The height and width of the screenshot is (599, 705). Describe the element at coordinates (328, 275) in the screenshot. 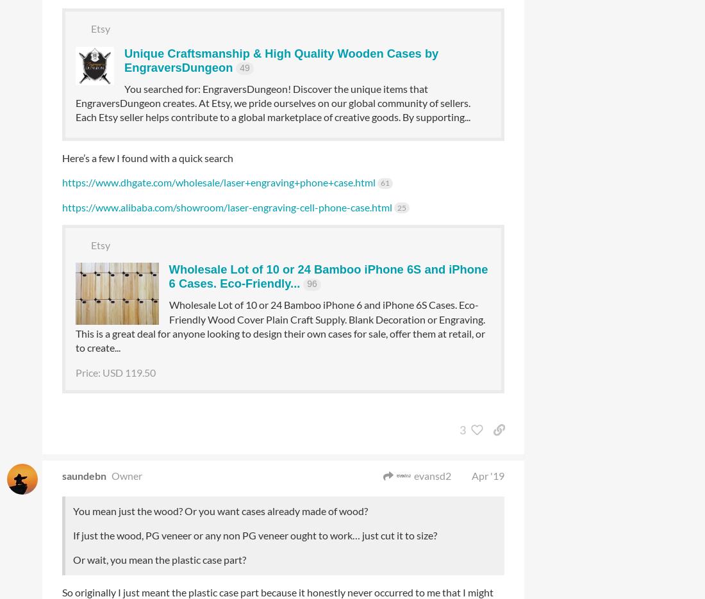

I see `'Wholesale Lot of 10 or 24 Bamboo iPhone 6S and iPhone 6 Cases. Eco-Friendly...'` at that location.